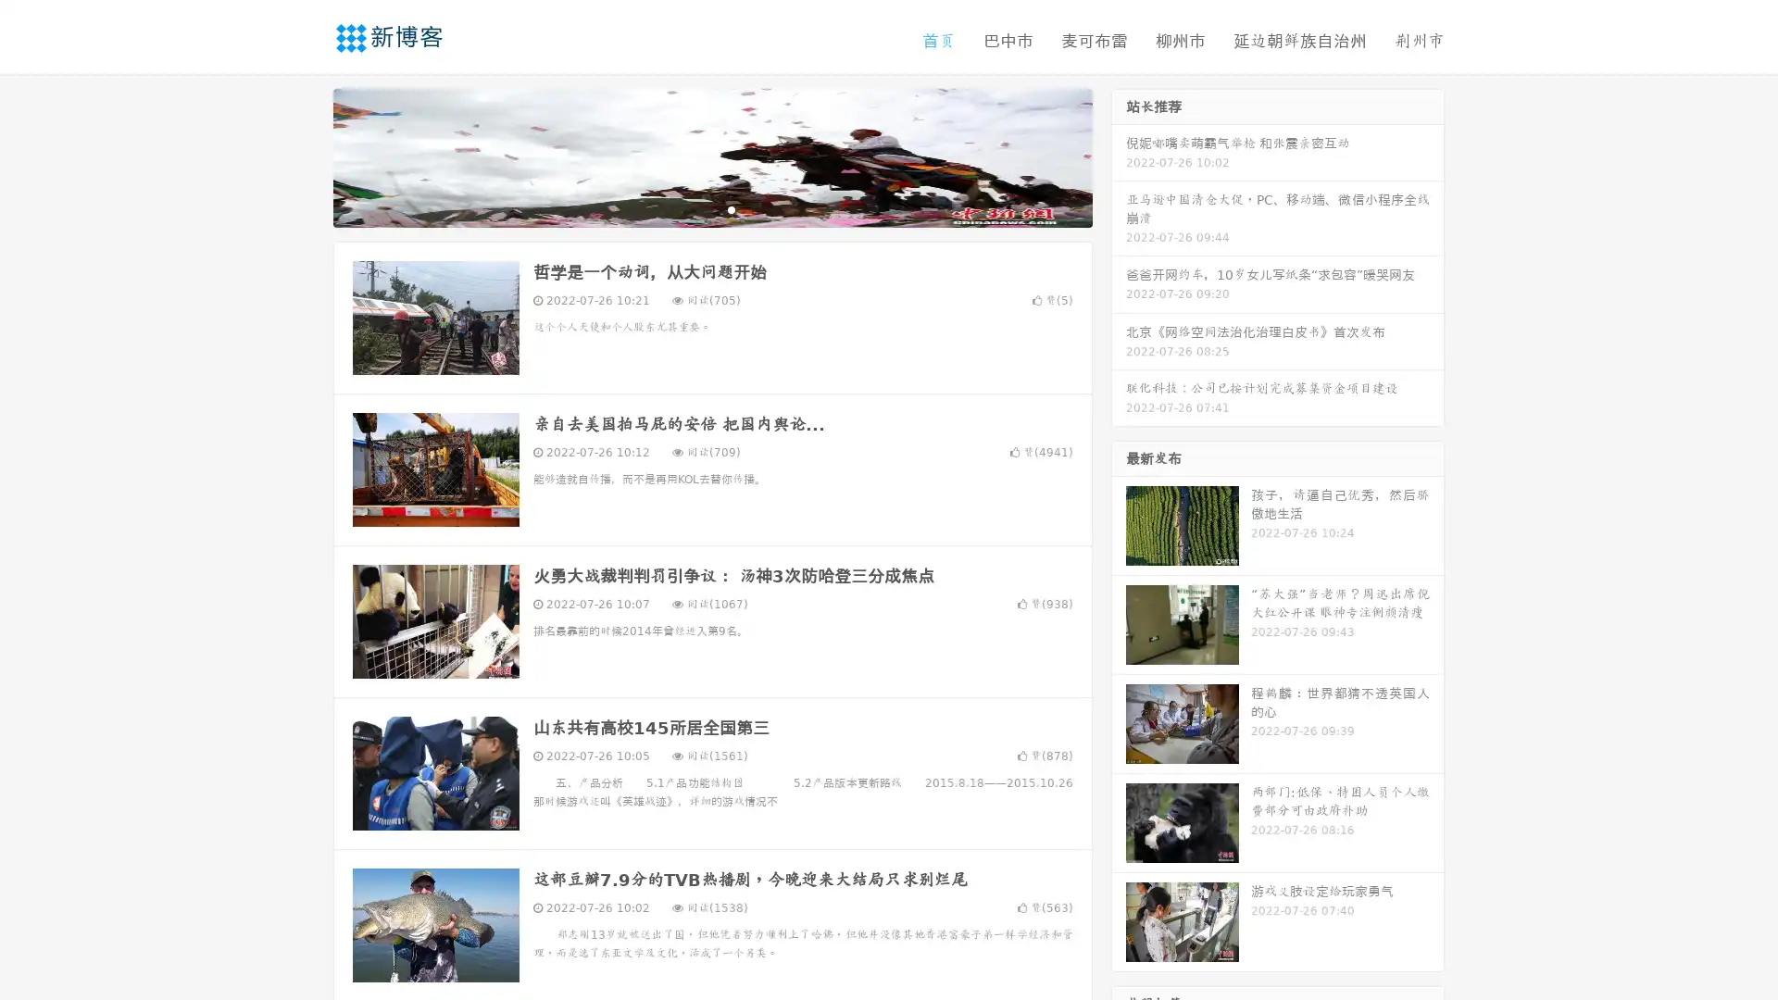 The width and height of the screenshot is (1778, 1000). What do you see at coordinates (731, 208) in the screenshot?
I see `Go to slide 3` at bounding box center [731, 208].